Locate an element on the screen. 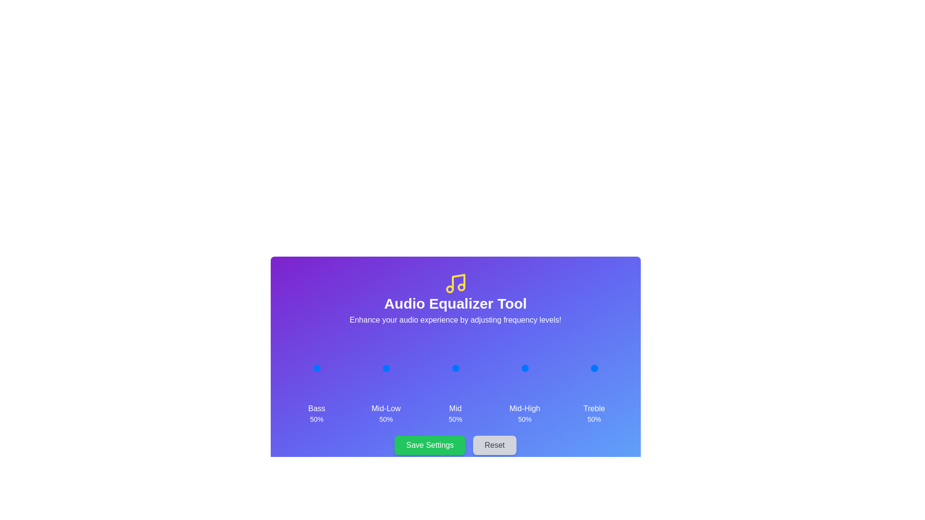  the Mid-High Slider to observe hover effects is located at coordinates (524, 368).